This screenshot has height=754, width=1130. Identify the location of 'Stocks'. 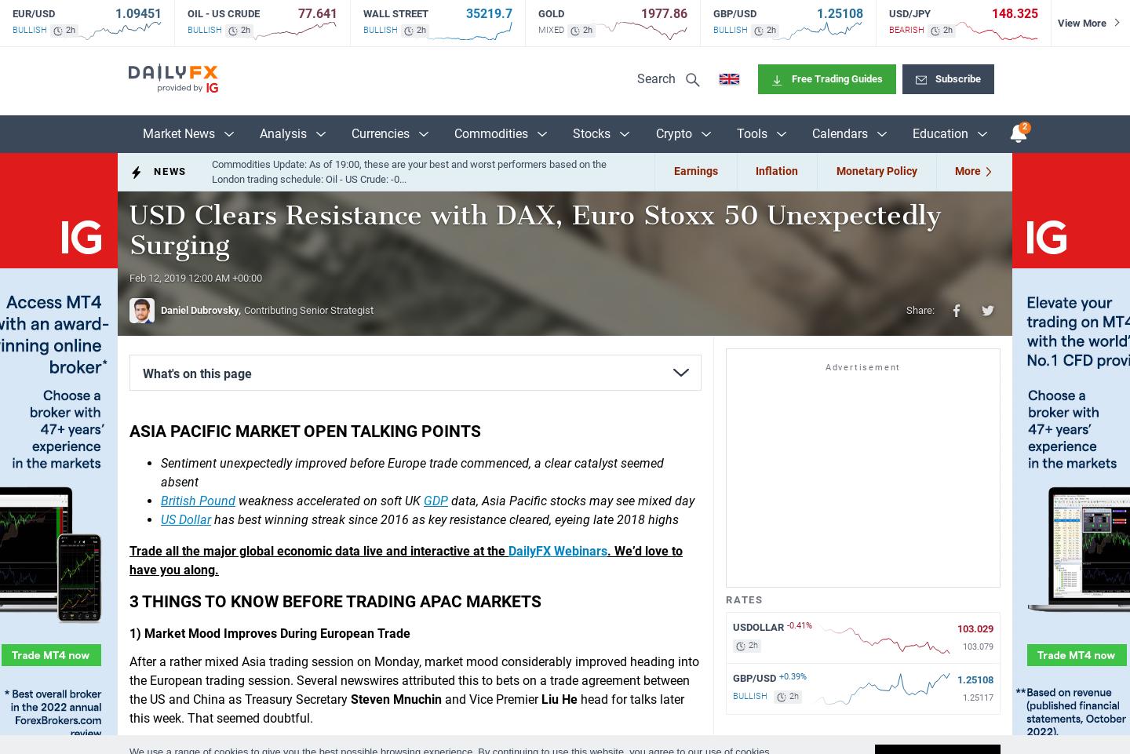
(571, 133).